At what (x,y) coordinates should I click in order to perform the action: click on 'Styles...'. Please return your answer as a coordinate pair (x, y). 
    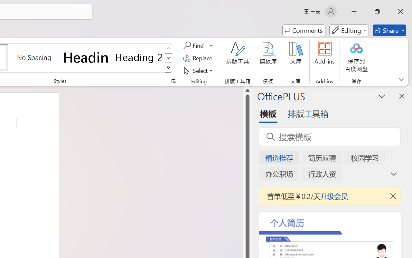
    Looking at the image, I should click on (173, 81).